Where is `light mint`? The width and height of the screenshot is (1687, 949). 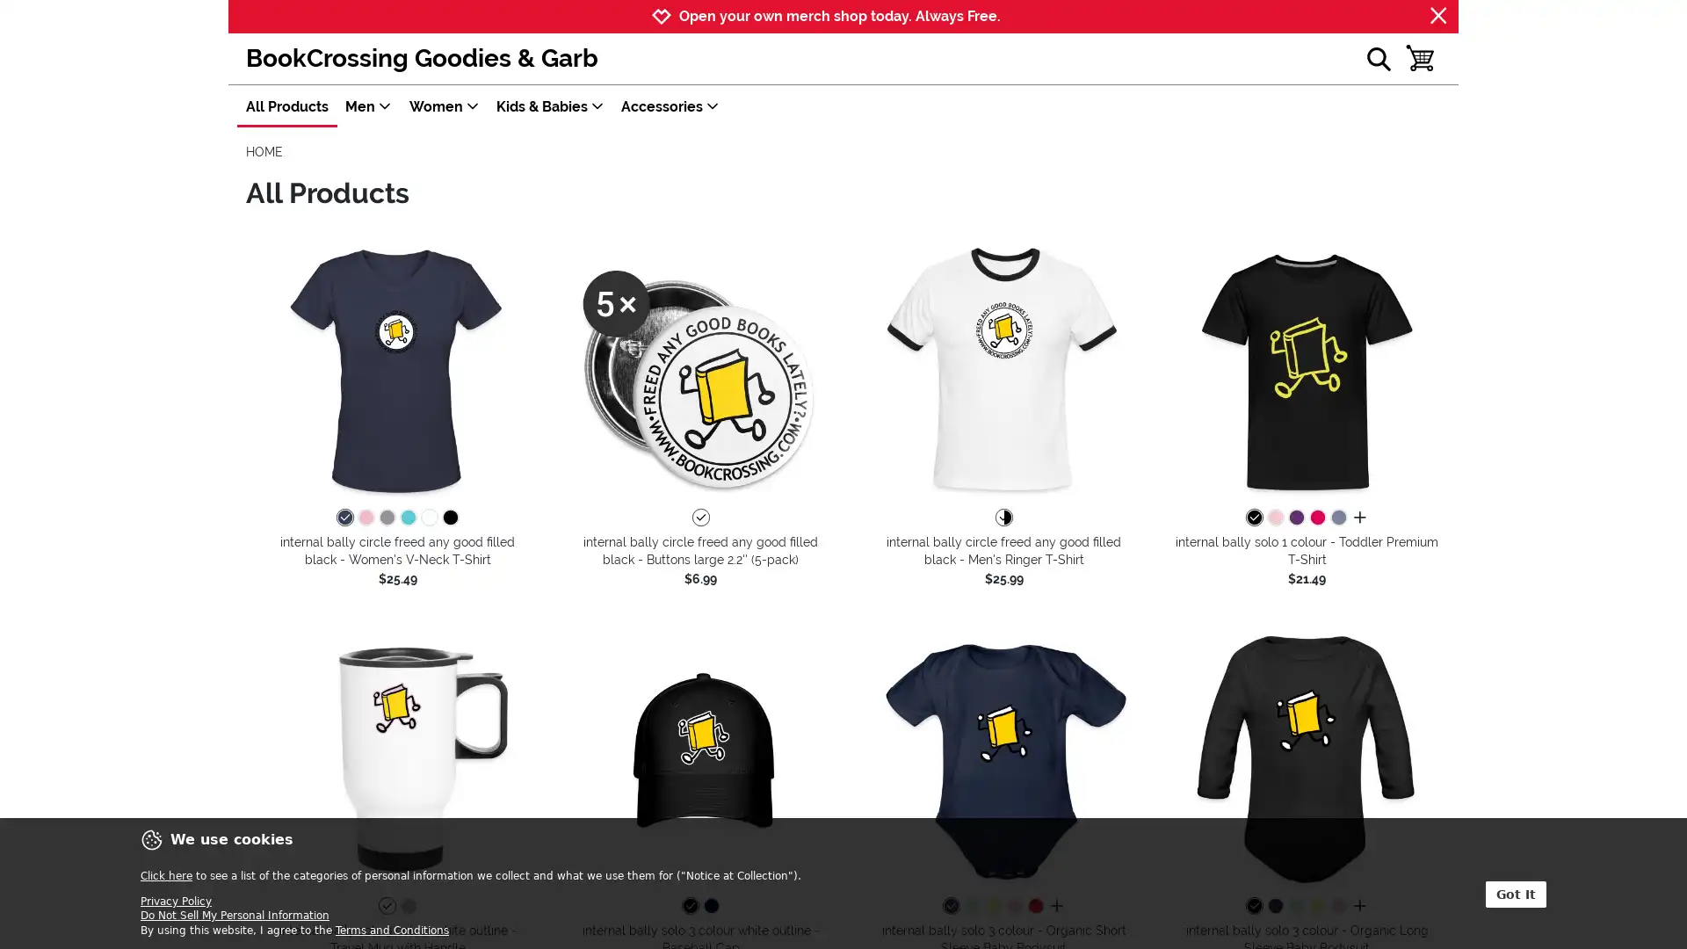
light mint is located at coordinates (970, 907).